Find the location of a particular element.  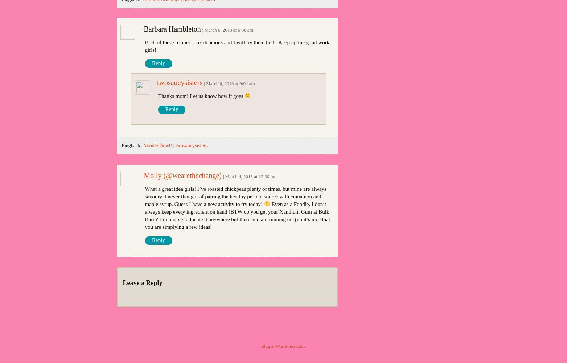

'March 6, 2013 at 9:04 am' is located at coordinates (230, 83).